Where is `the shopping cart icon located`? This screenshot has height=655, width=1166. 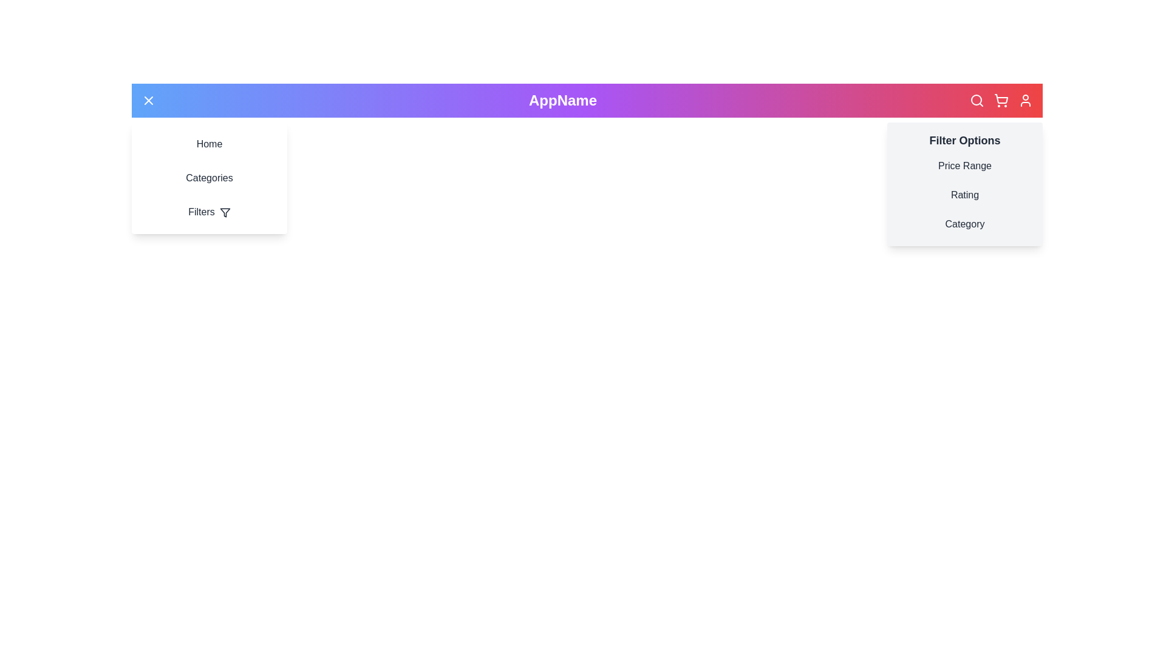
the shopping cart icon located is located at coordinates (1001, 99).